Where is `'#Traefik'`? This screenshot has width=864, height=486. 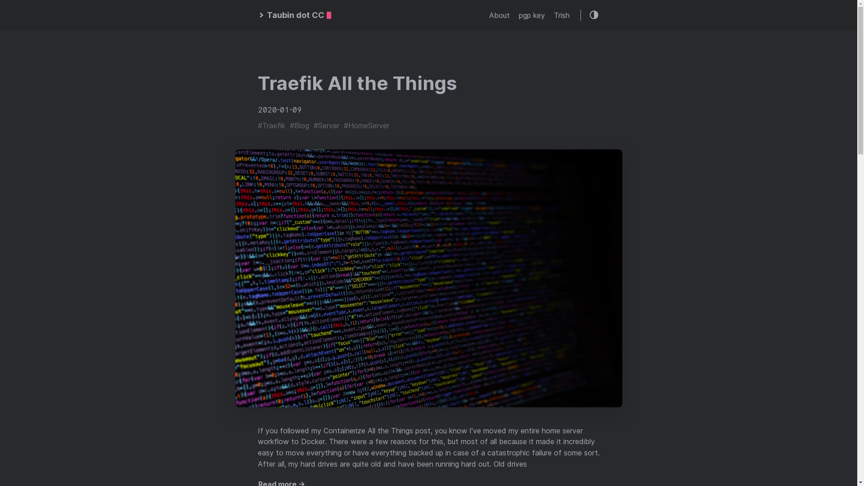
'#Traefik' is located at coordinates (270, 125).